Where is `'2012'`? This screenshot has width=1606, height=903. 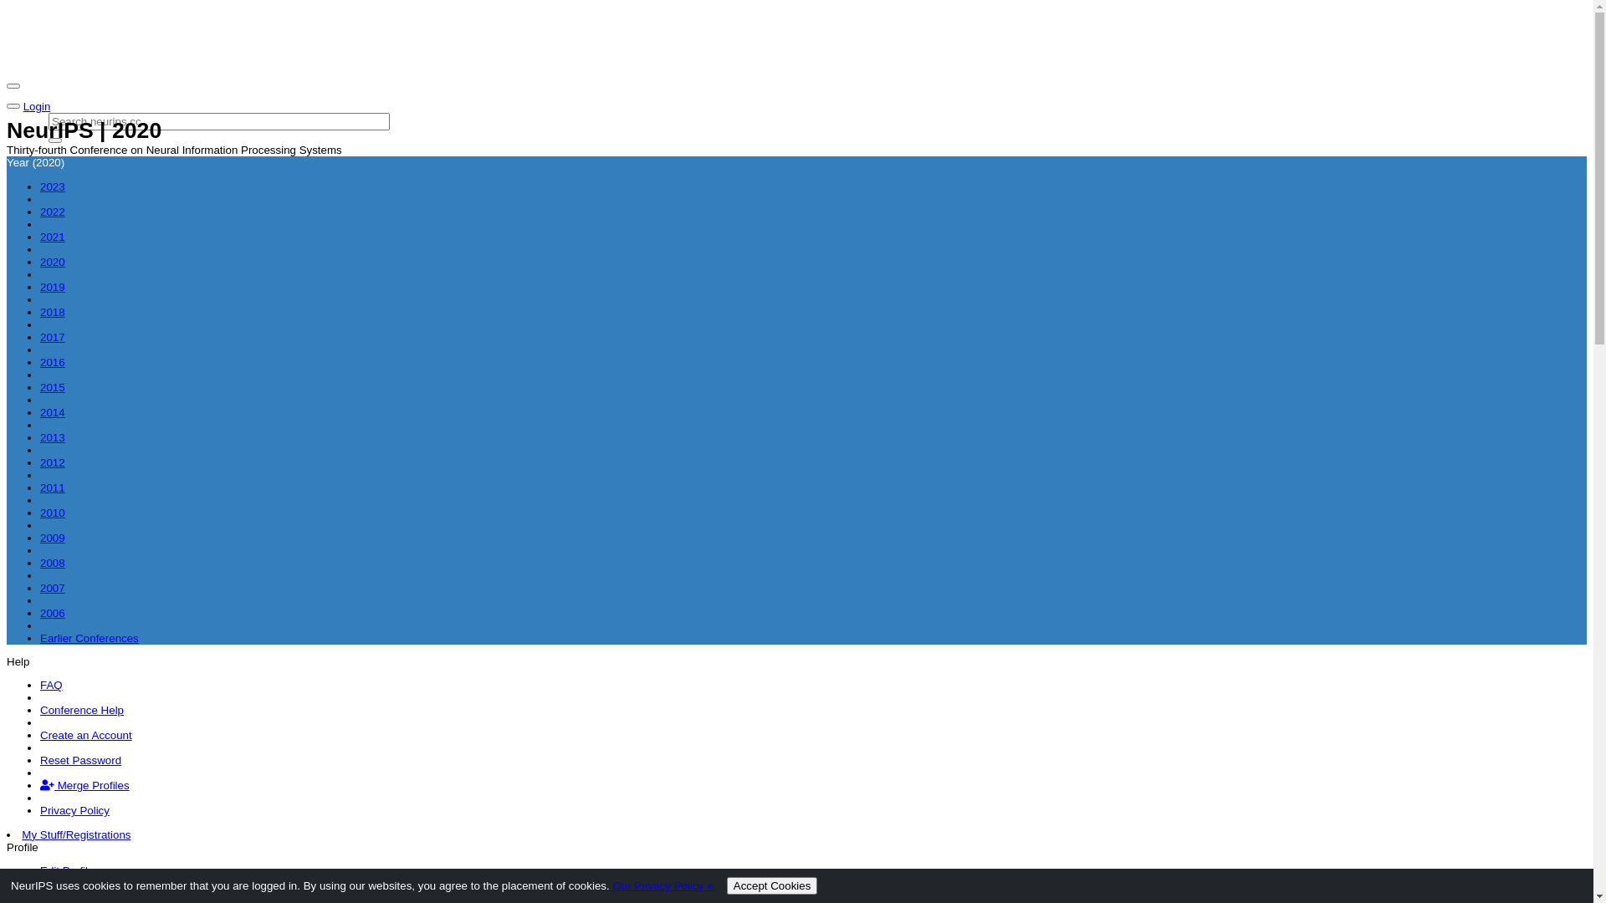 '2012' is located at coordinates (52, 462).